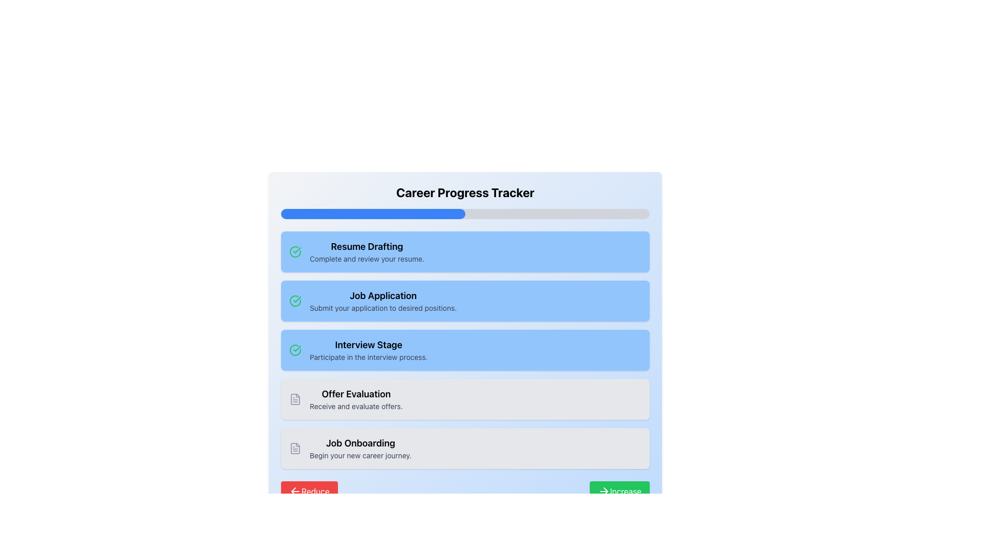 This screenshot has width=983, height=553. Describe the element at coordinates (382, 300) in the screenshot. I see `the 'Job Application' section, which features a bold headline and a subdued description, positioned between 'Resume Drafting' and 'Interview Stage' in the progress tracker interface` at that location.